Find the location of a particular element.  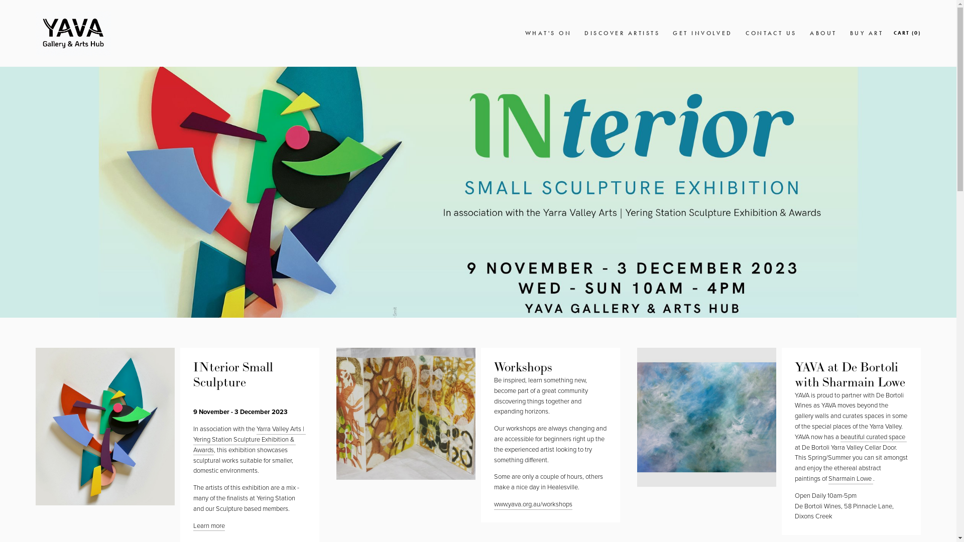

'beautiful curated space ' is located at coordinates (873, 437).